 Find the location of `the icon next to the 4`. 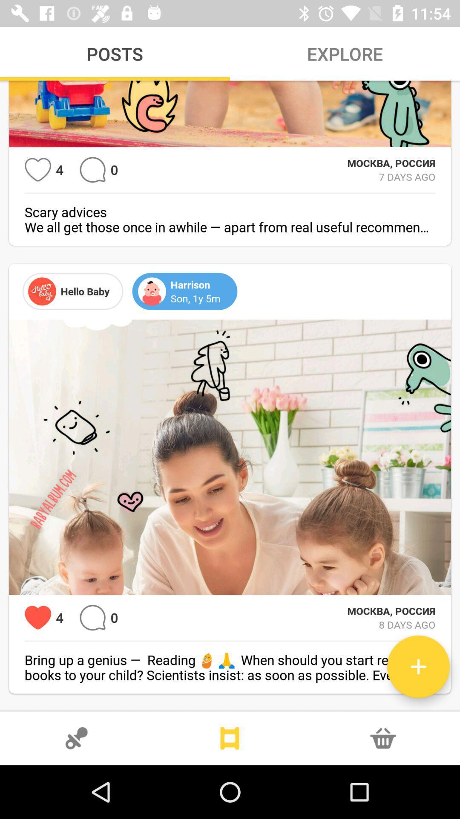

the icon next to the 4 is located at coordinates (37, 618).